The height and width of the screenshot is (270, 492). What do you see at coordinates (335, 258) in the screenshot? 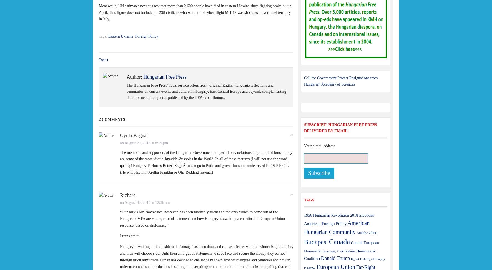
I see `'Donald Trump'` at bounding box center [335, 258].